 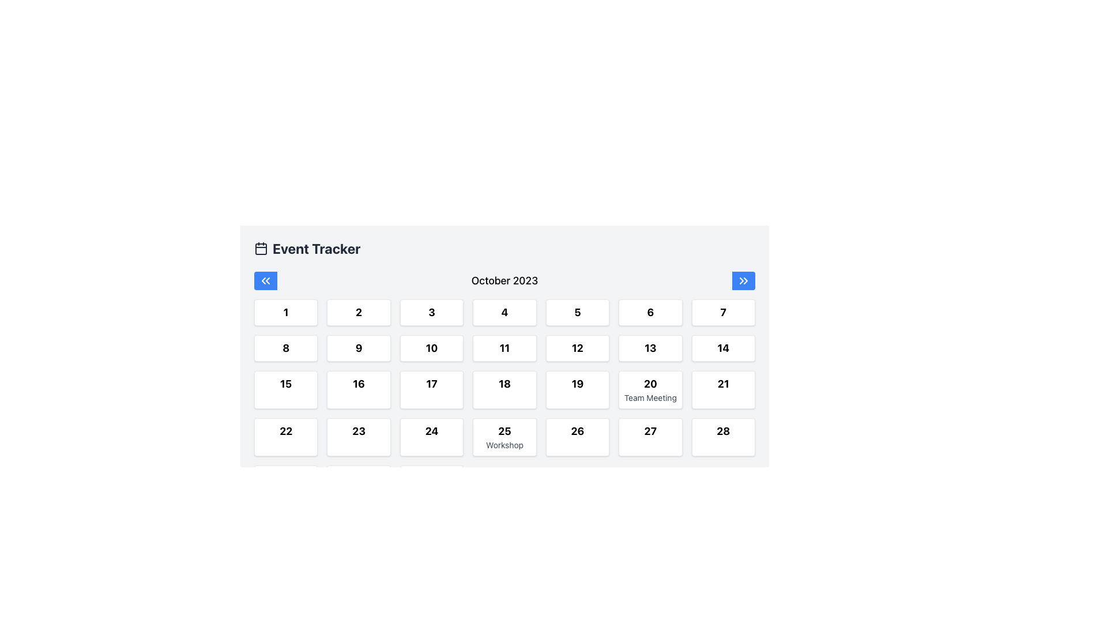 I want to click on the date '19' displayed in the calendar tile for October, located in the third row and sixth column of the calendar grid, so click(x=577, y=384).